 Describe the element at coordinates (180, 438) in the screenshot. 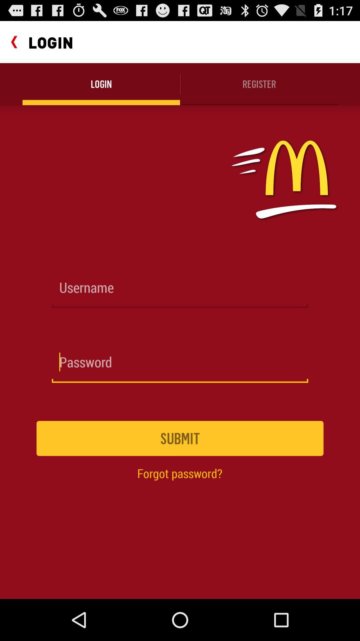

I see `submit item` at that location.